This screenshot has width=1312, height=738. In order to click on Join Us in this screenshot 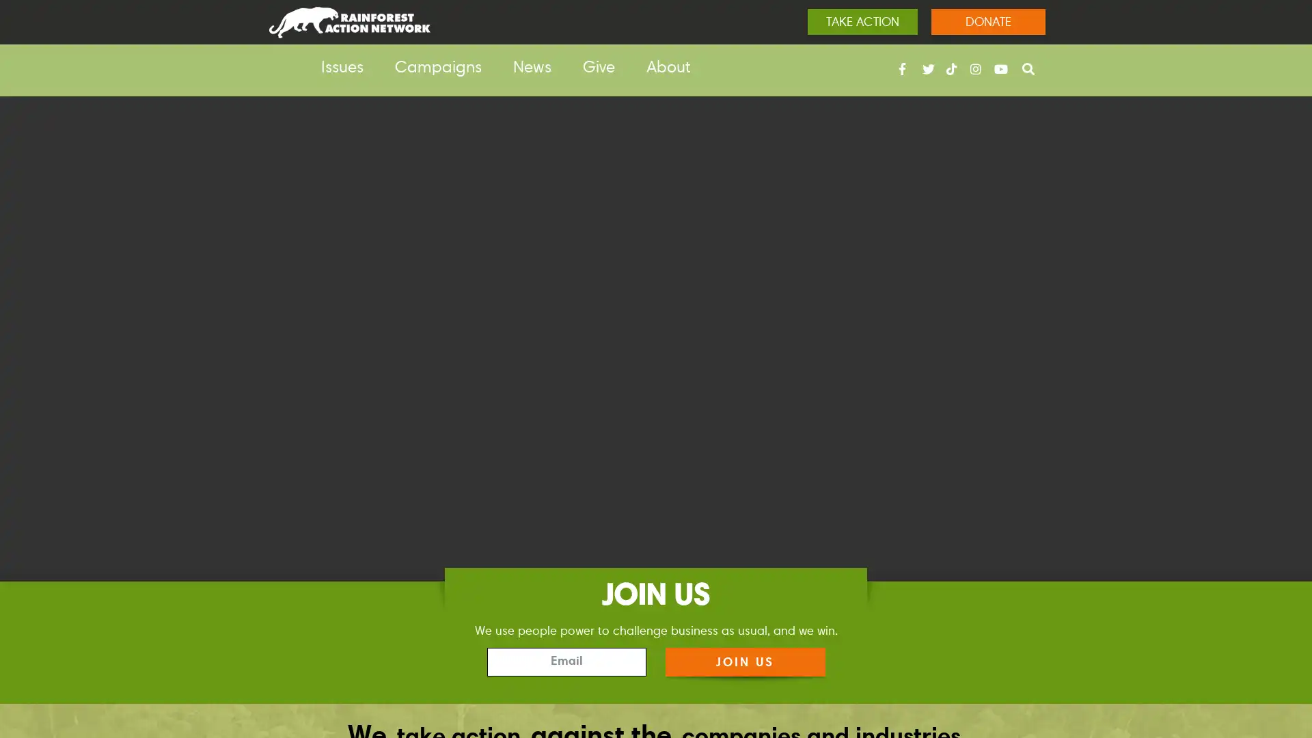, I will do `click(743, 661)`.